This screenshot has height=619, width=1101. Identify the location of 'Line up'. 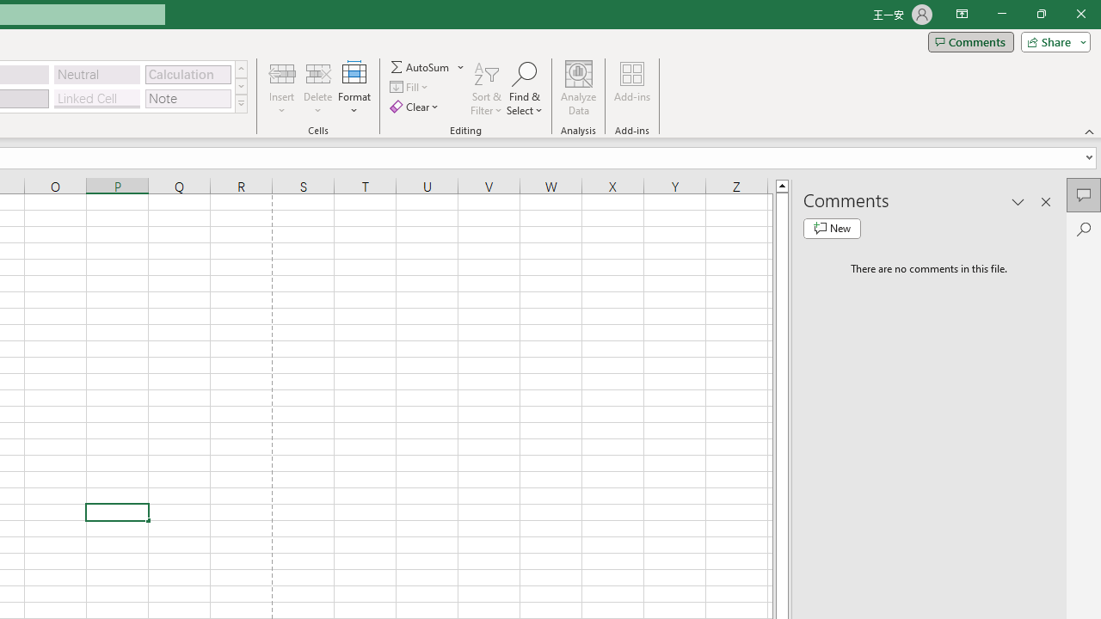
(781, 185).